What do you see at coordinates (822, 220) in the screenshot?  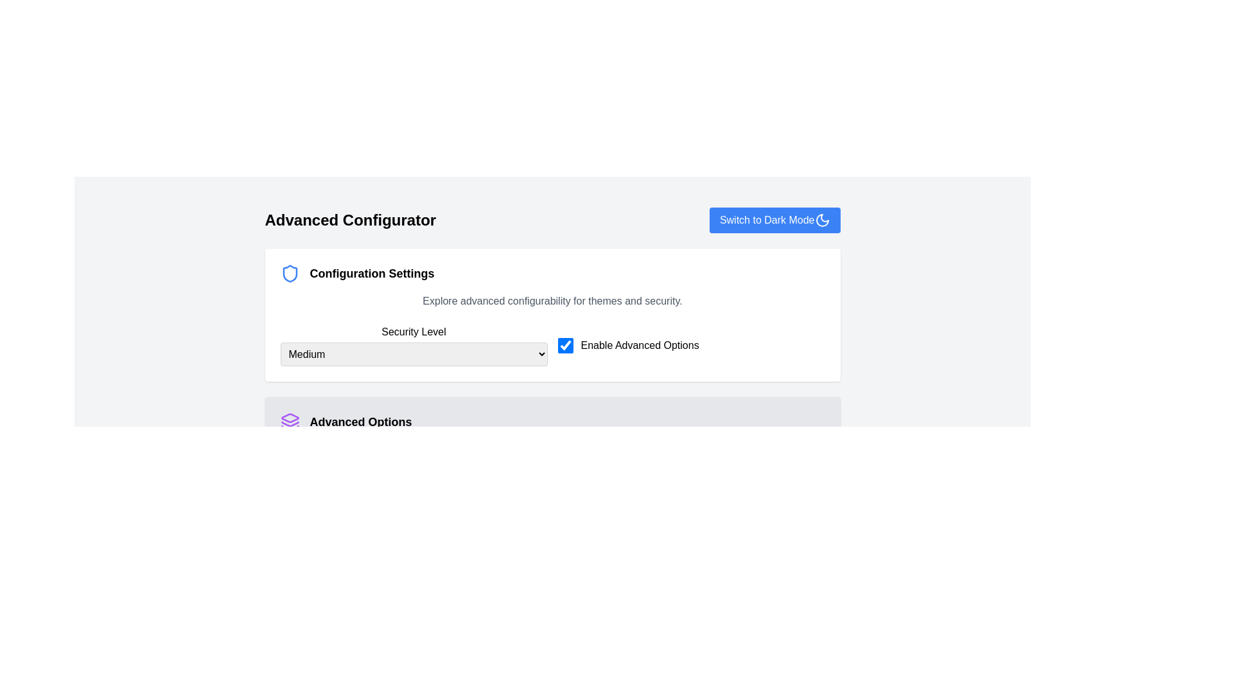 I see `the 'Switch to Dark Mode' button located in the top-right section of the interface, which features a moon-shaped icon as part of its design` at bounding box center [822, 220].